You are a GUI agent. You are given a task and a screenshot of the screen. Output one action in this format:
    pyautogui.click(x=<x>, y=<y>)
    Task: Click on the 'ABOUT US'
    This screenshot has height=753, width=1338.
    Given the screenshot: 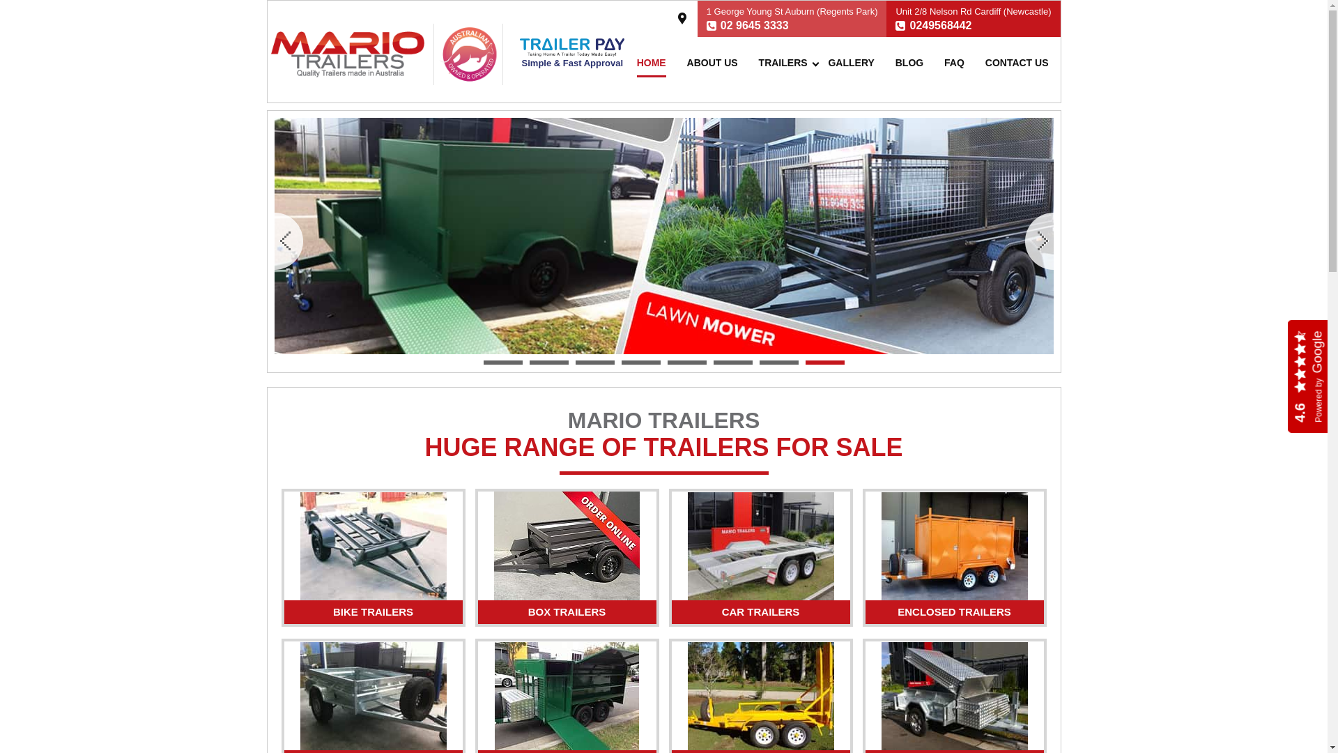 What is the action you would take?
    pyautogui.click(x=712, y=61)
    